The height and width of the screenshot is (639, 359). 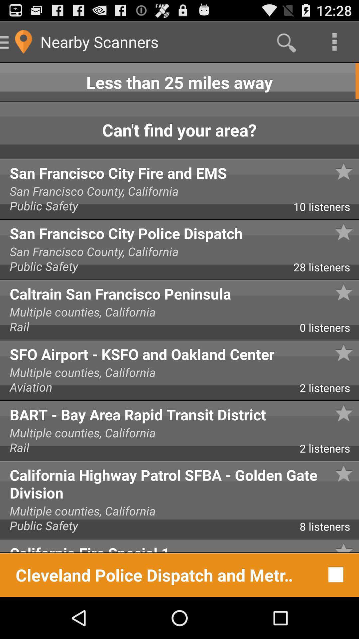 I want to click on icon below california fire special icon, so click(x=334, y=574).